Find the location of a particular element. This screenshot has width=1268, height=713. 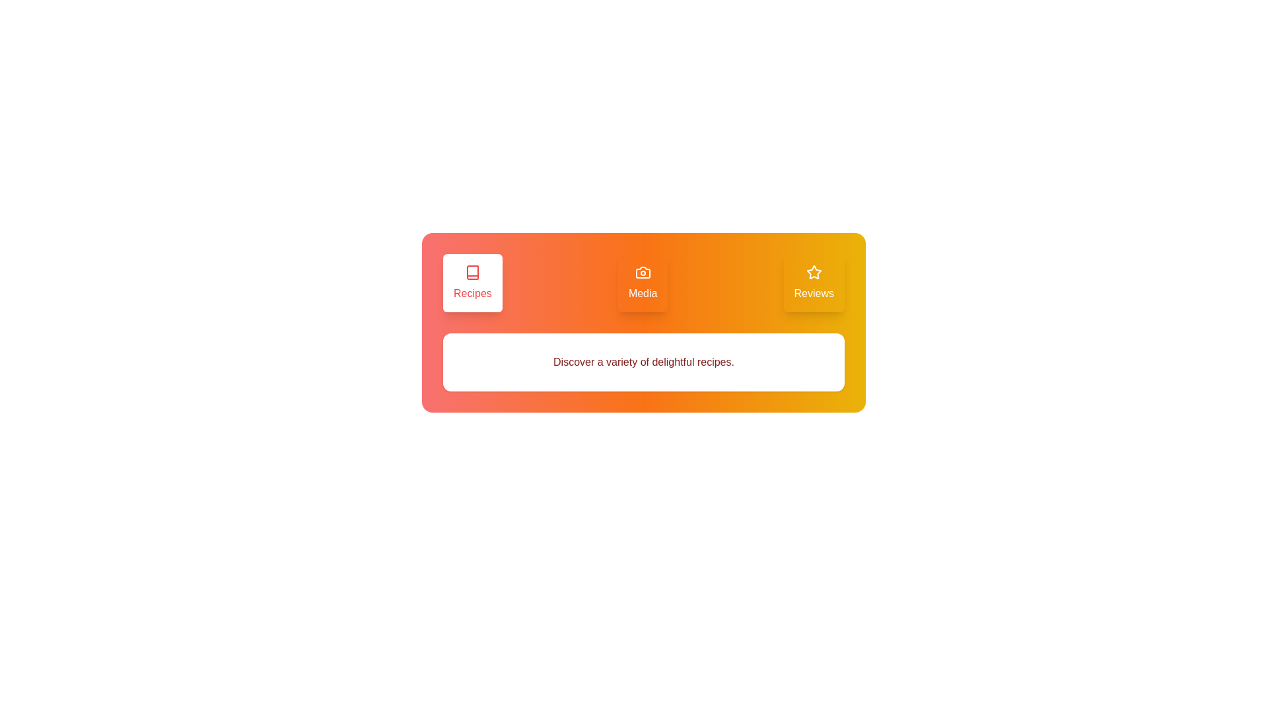

the tab labeled Reviews to activate it is located at coordinates (813, 282).